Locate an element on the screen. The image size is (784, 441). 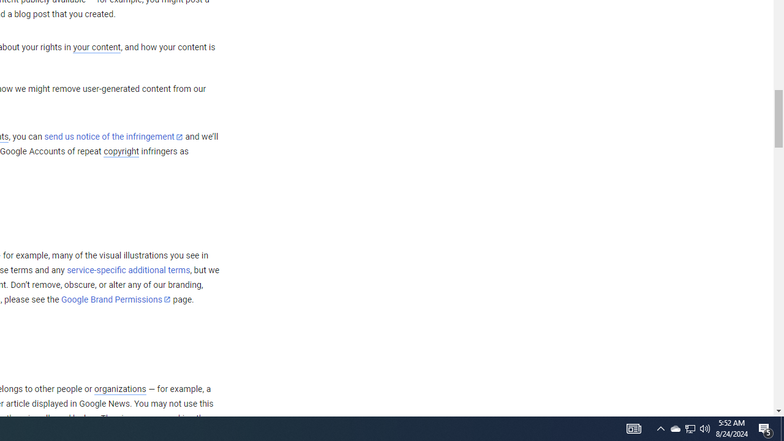
'your content' is located at coordinates (96, 47).